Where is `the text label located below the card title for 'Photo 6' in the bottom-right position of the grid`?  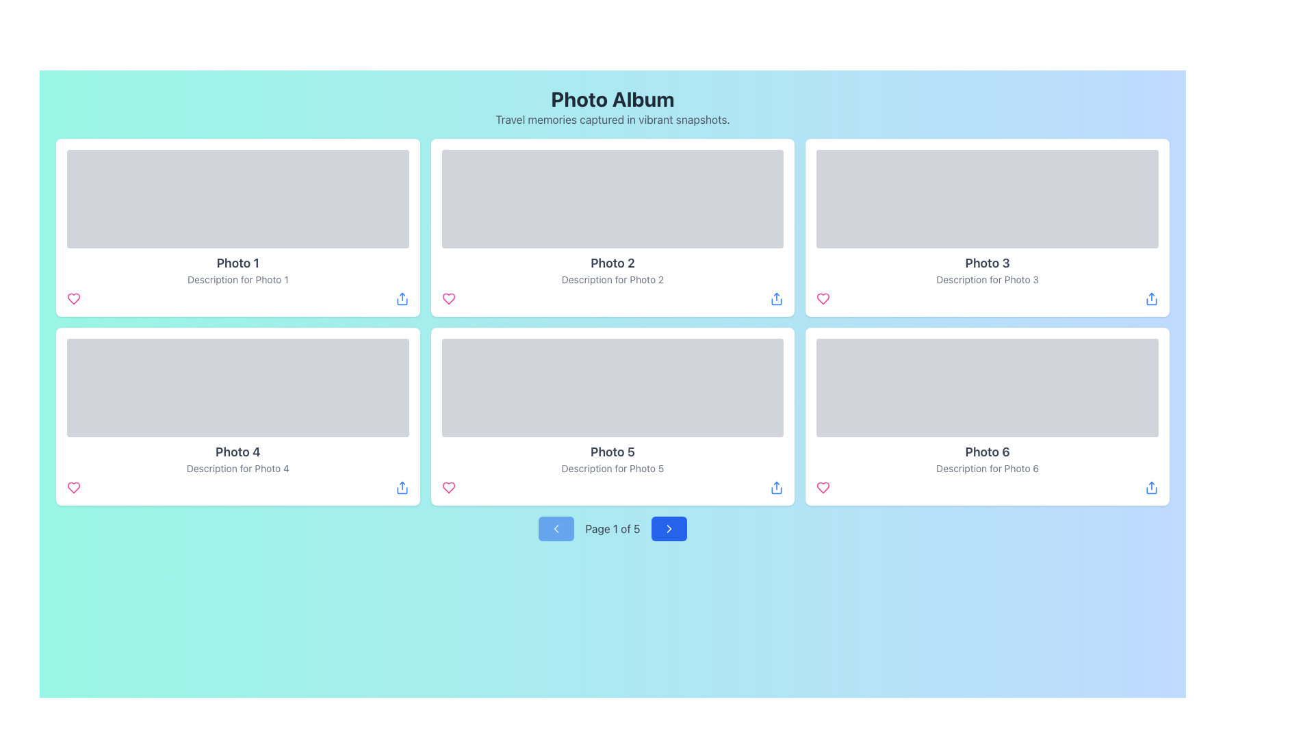
the text label located below the card title for 'Photo 6' in the bottom-right position of the grid is located at coordinates (988, 468).